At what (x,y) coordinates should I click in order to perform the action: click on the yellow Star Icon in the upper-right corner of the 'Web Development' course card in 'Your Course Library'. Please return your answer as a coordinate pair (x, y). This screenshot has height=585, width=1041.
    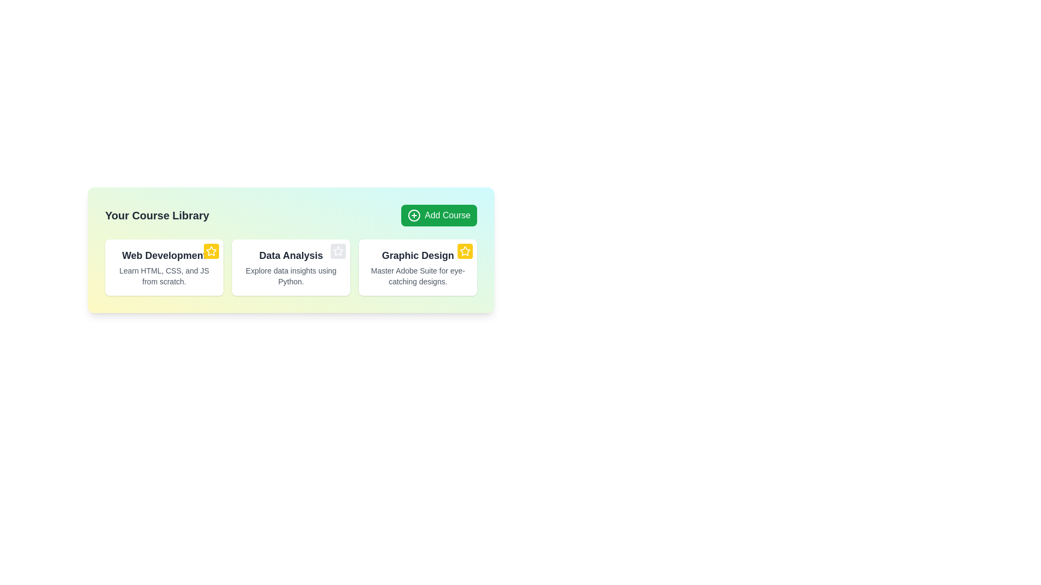
    Looking at the image, I should click on (211, 251).